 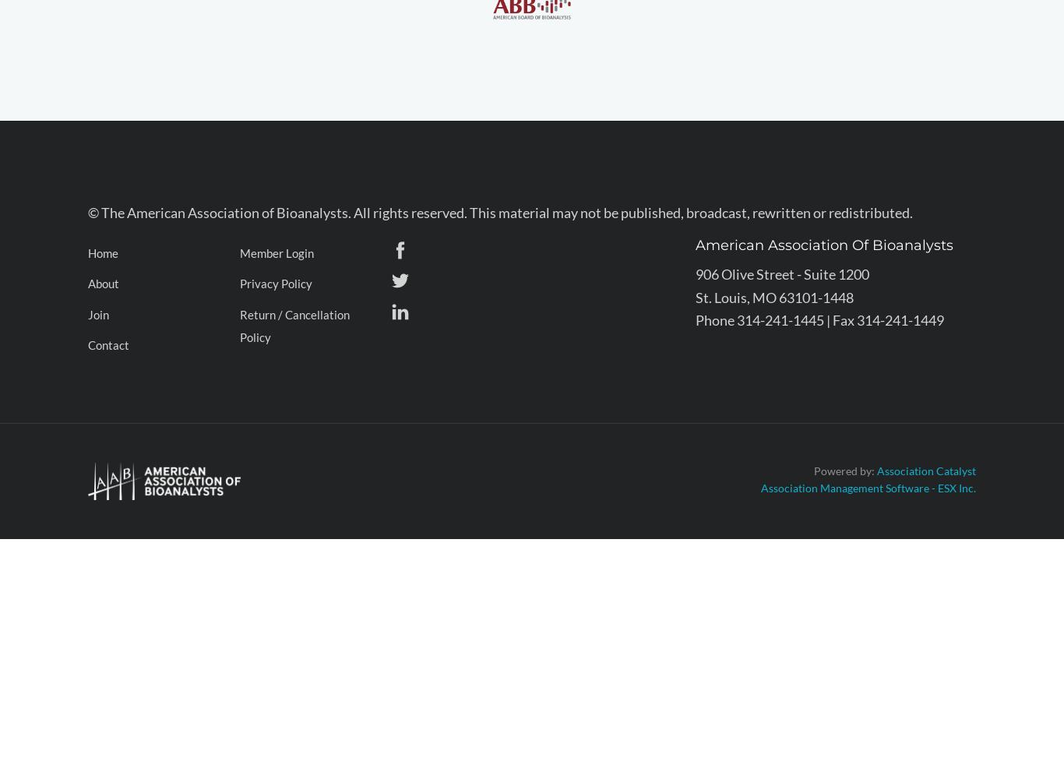 What do you see at coordinates (926, 469) in the screenshot?
I see `'Association Catalyst'` at bounding box center [926, 469].